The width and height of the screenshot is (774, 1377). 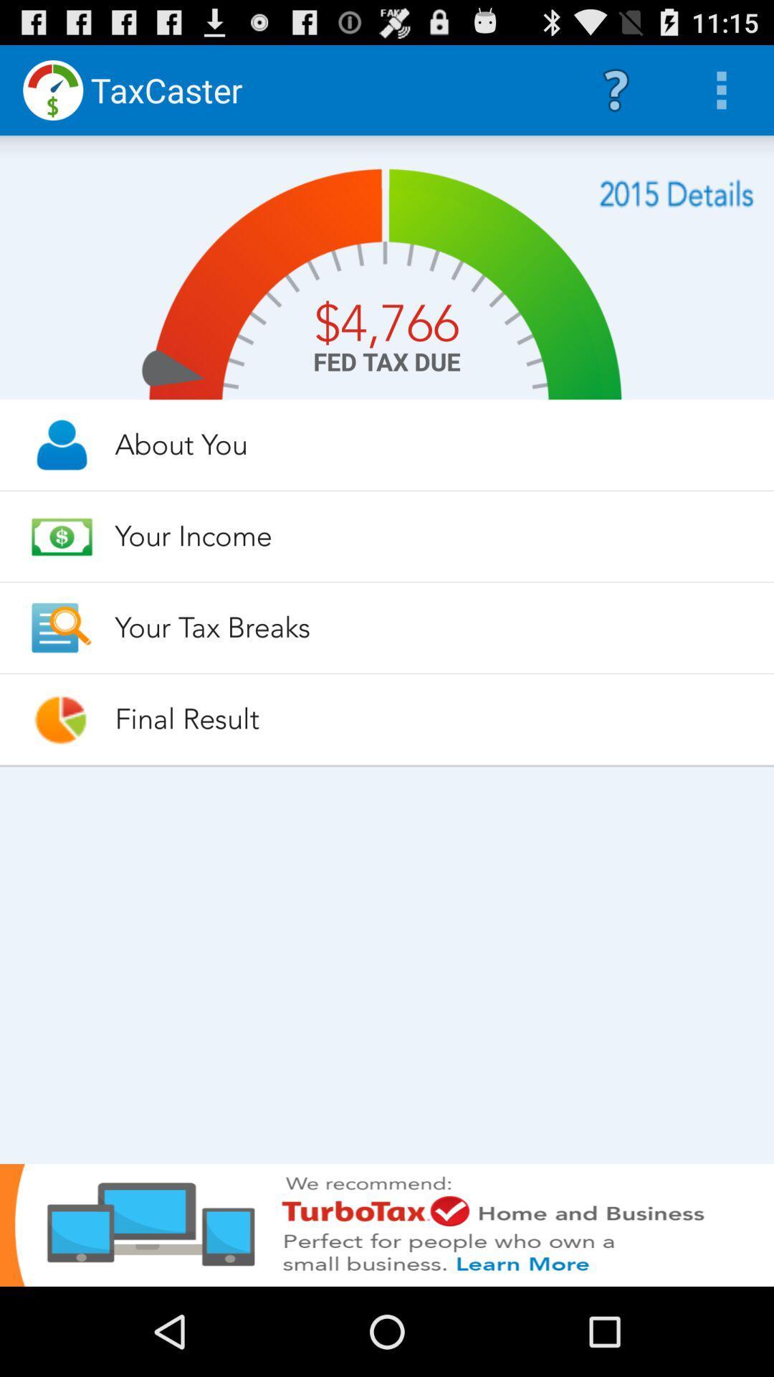 What do you see at coordinates (431, 444) in the screenshot?
I see `icon above the your income app` at bounding box center [431, 444].